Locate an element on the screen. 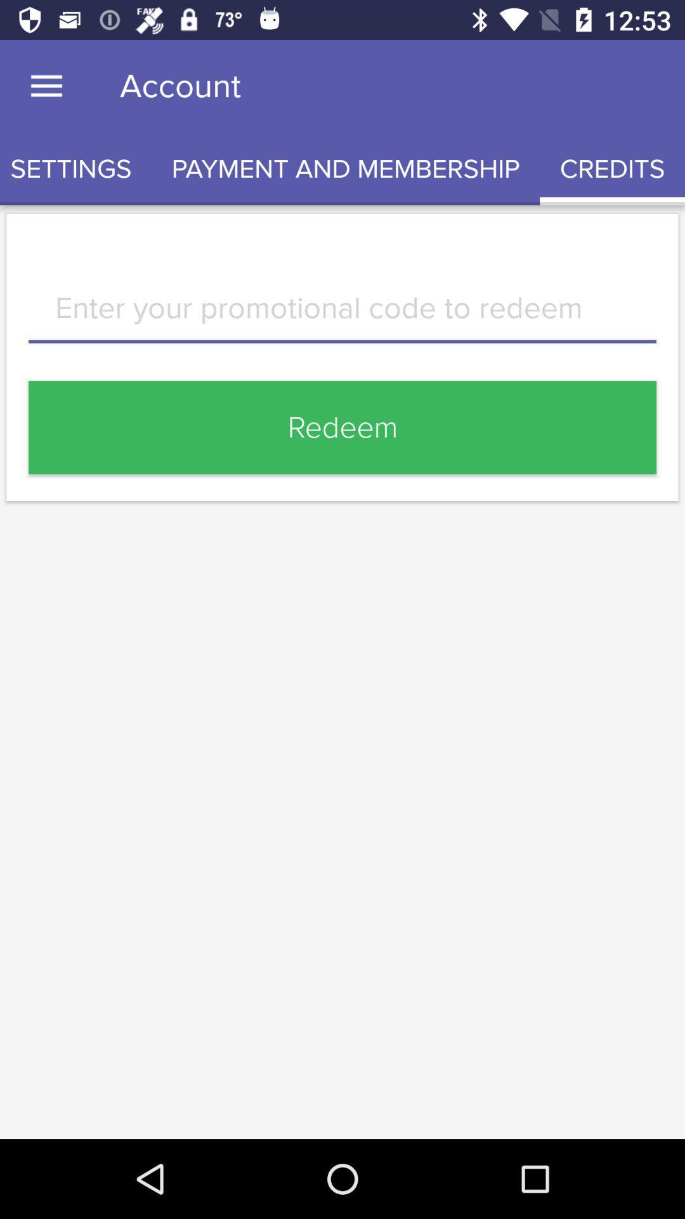  payment and membership icon is located at coordinates (346, 168).